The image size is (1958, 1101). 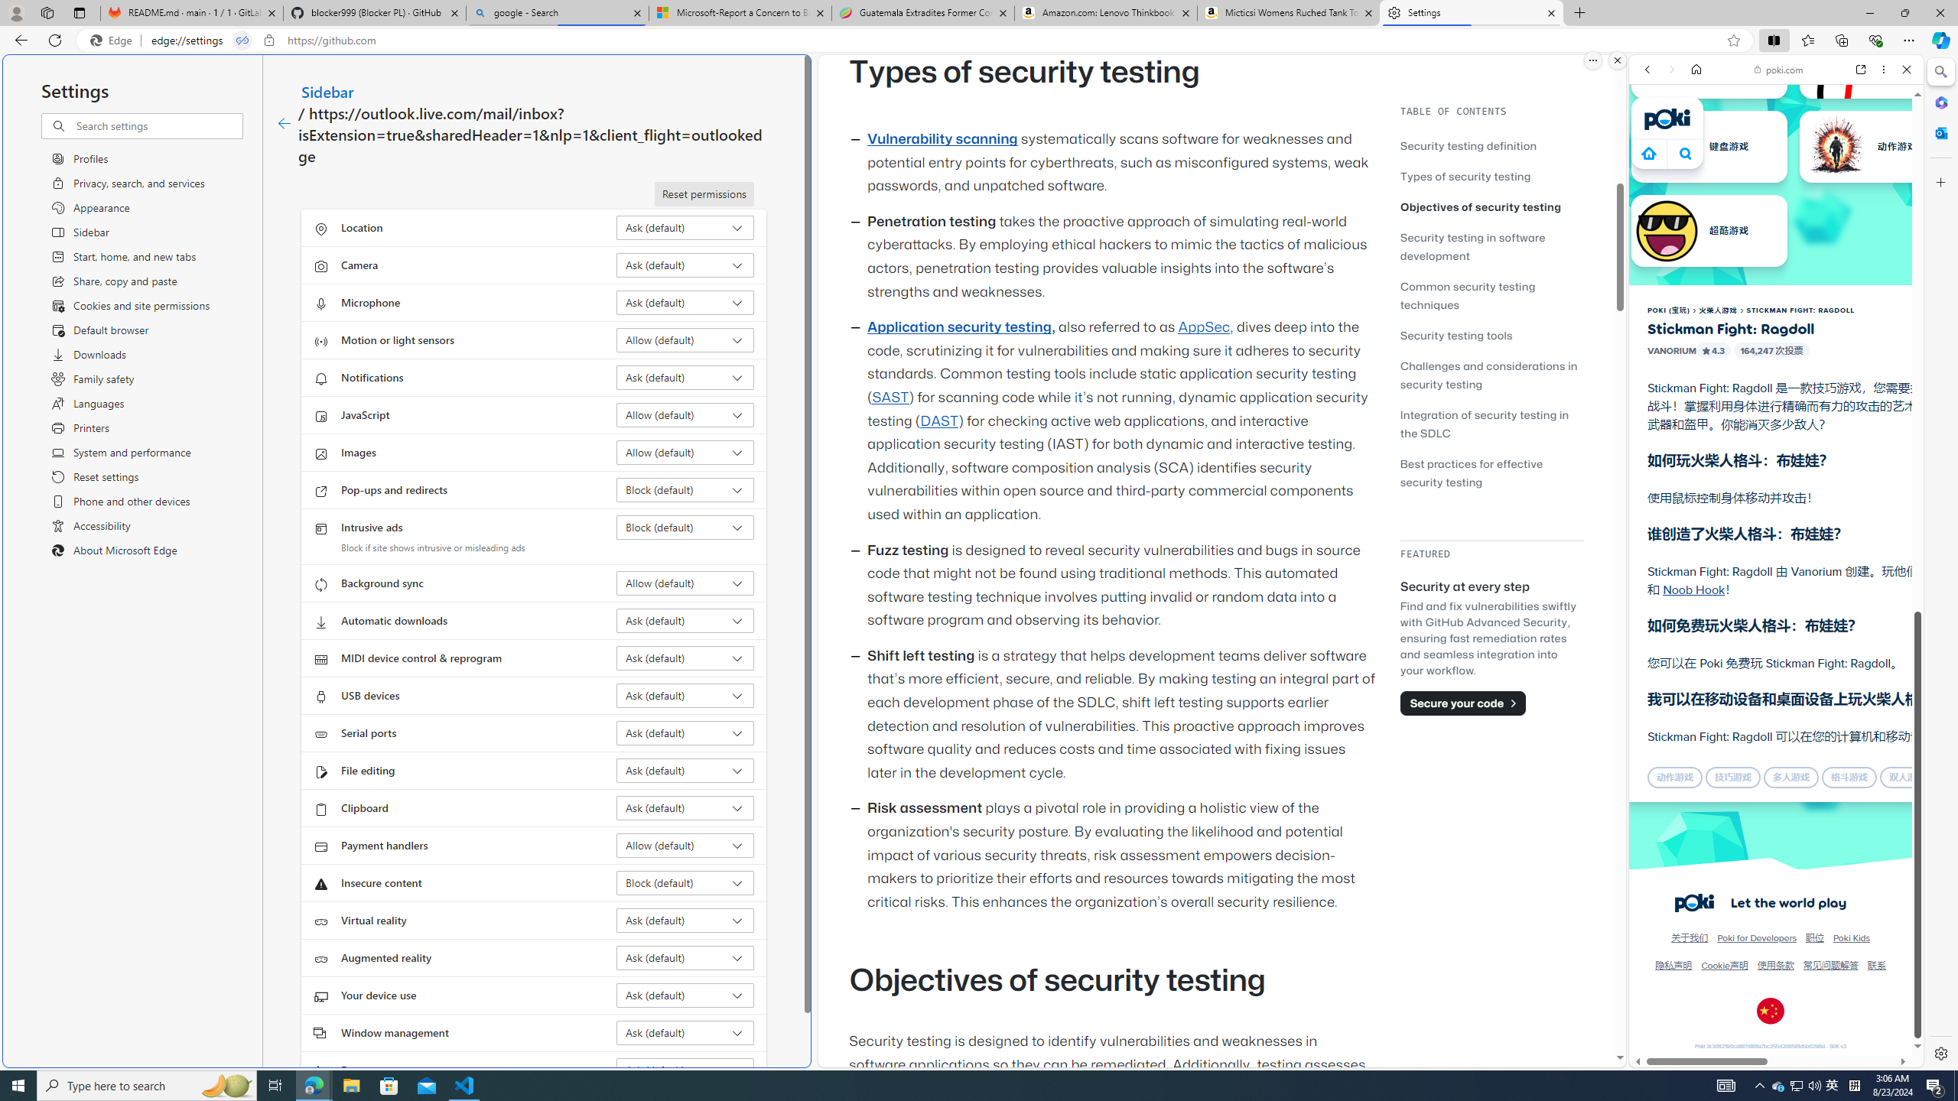 I want to click on 'Io Games', so click(x=1774, y=471).